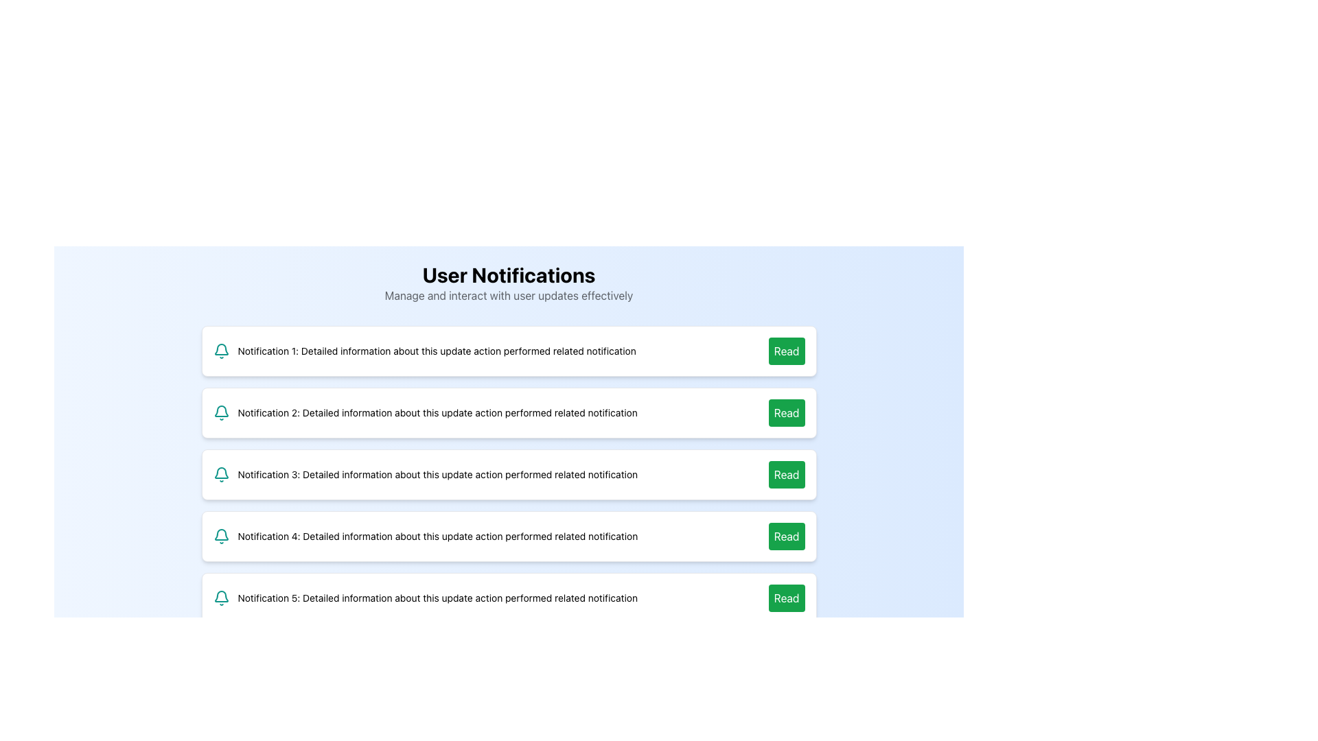 This screenshot has width=1318, height=741. What do you see at coordinates (221, 472) in the screenshot?
I see `the notification icon located in the third entry of the user notifications list` at bounding box center [221, 472].